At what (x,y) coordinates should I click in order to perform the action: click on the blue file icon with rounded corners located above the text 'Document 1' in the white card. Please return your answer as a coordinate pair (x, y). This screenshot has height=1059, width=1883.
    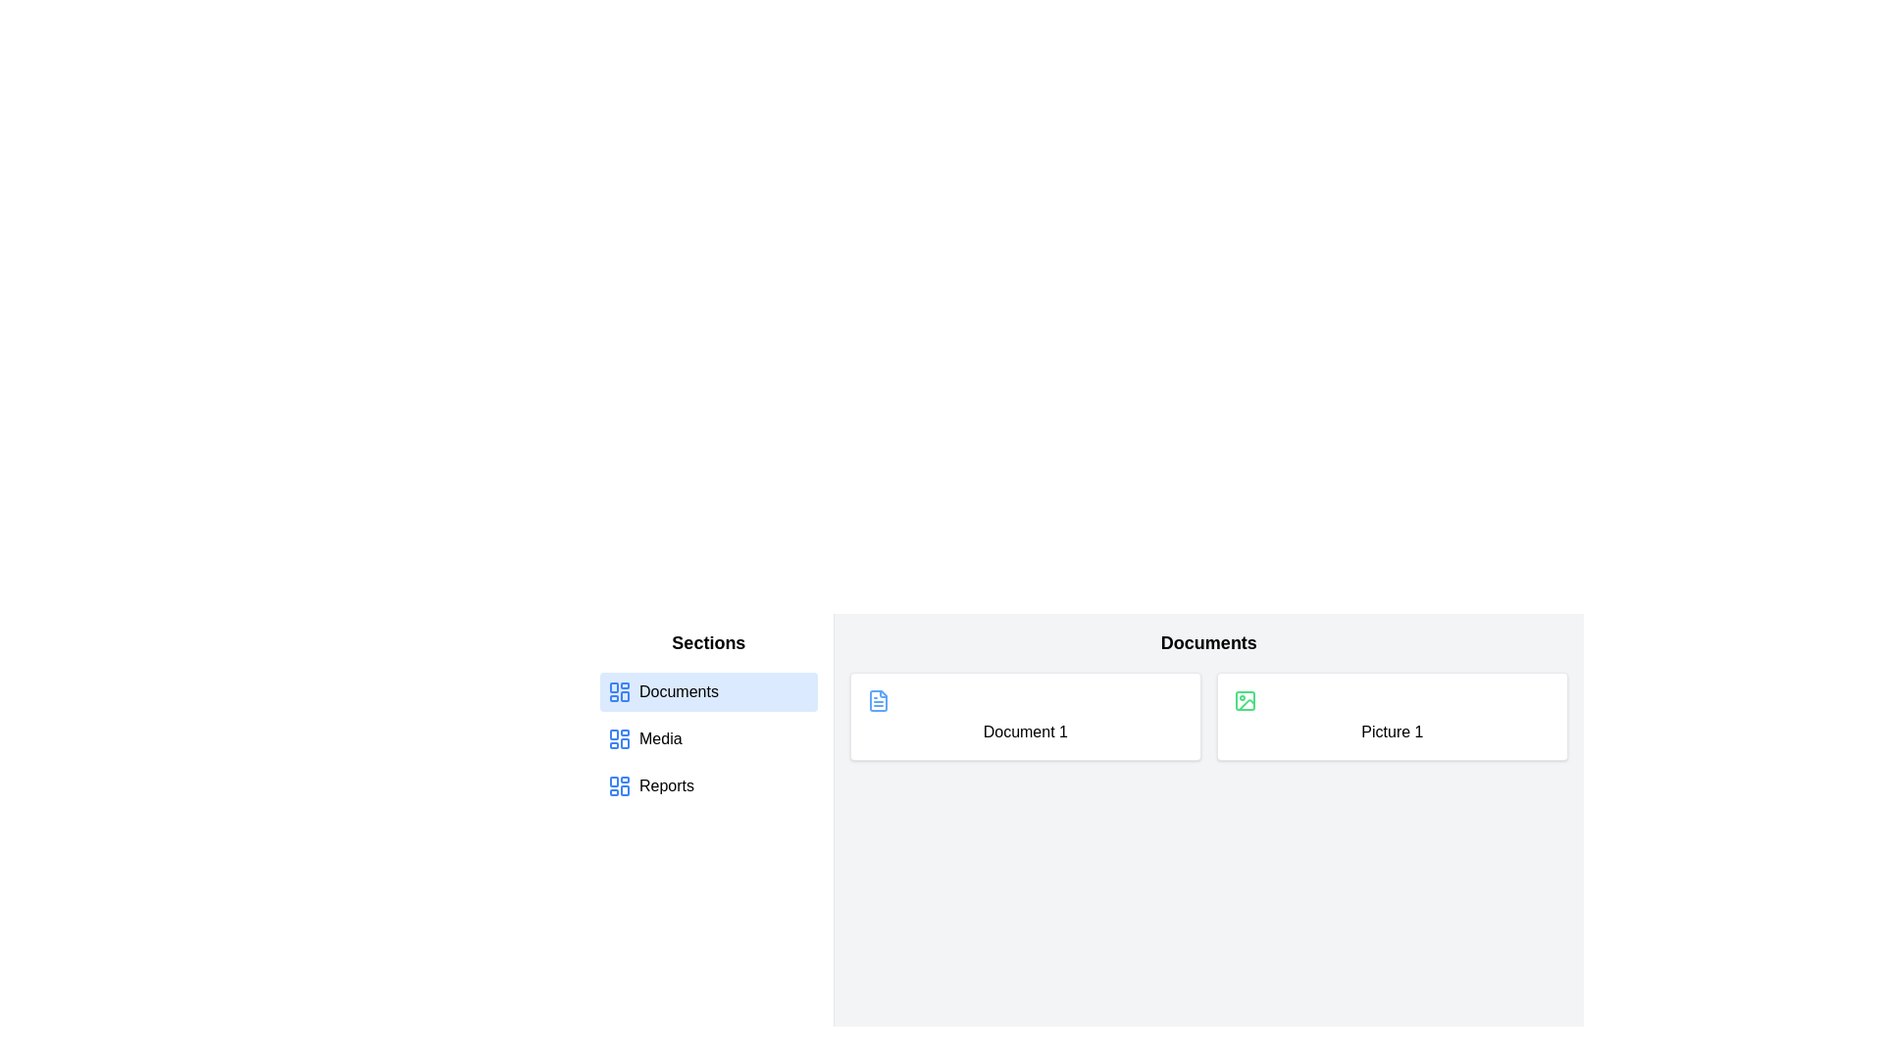
    Looking at the image, I should click on (877, 699).